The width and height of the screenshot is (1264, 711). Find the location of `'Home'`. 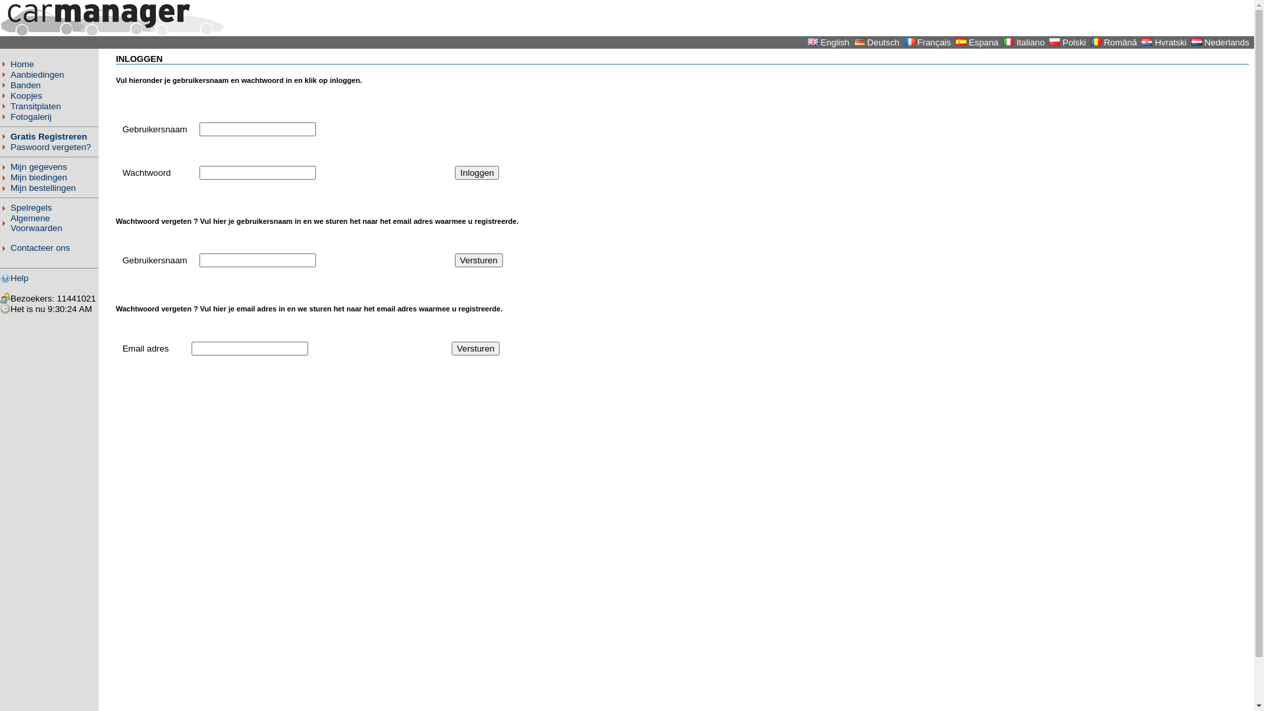

'Home' is located at coordinates (22, 64).